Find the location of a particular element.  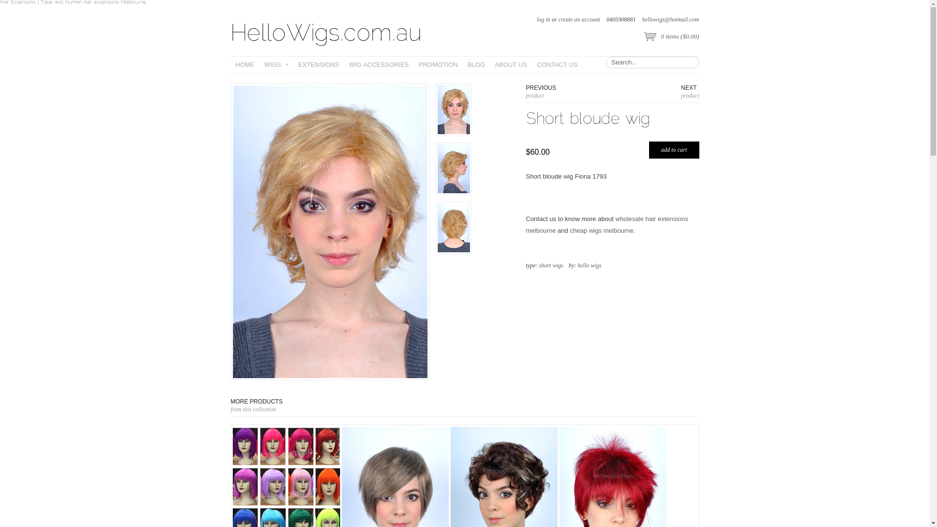

'EXTENSIONS' is located at coordinates (318, 64).